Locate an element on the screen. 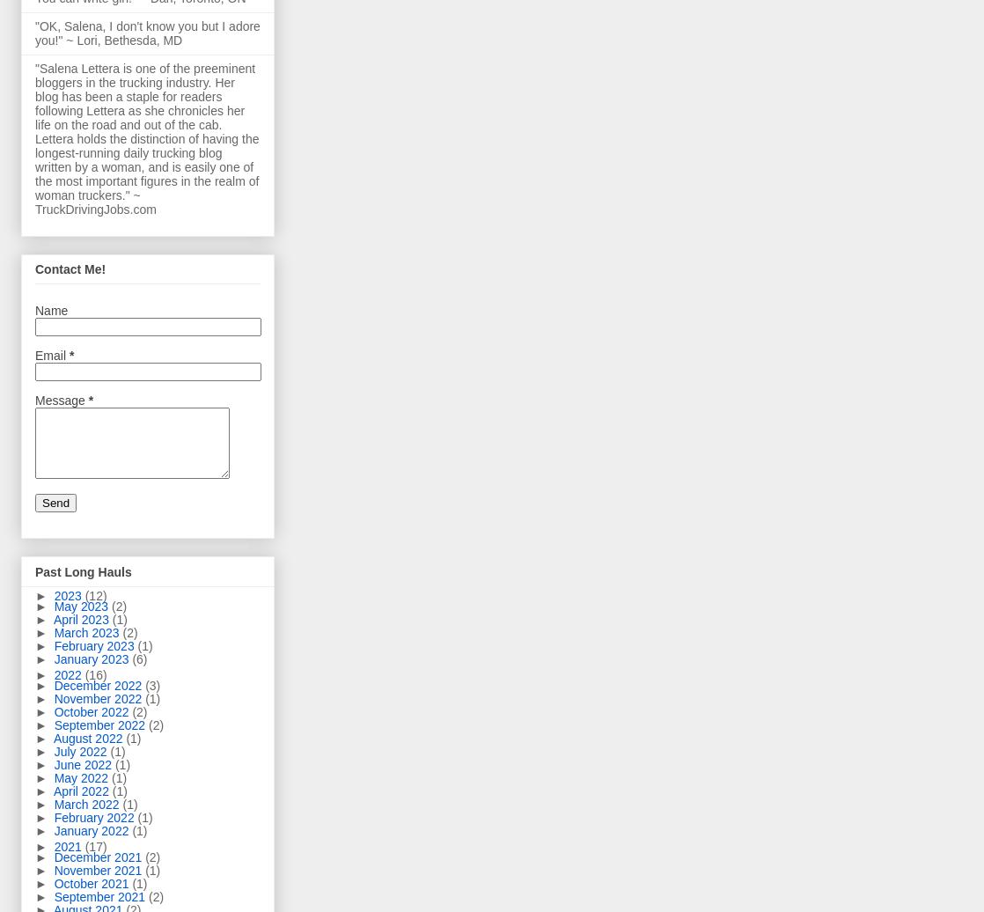 The height and width of the screenshot is (912, 984). 'March 2022' is located at coordinates (87, 804).